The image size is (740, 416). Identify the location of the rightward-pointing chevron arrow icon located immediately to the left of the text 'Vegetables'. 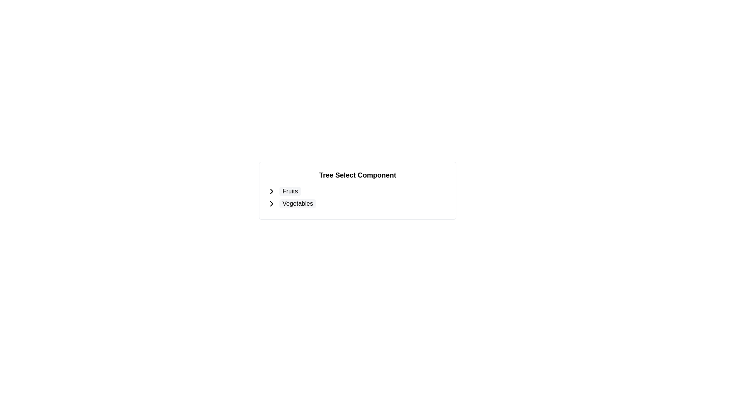
(272, 203).